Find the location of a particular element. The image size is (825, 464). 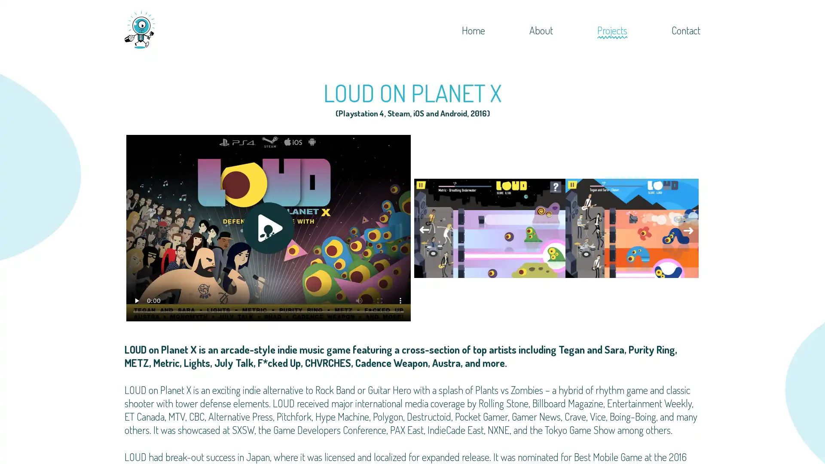

mute is located at coordinates (359, 300).